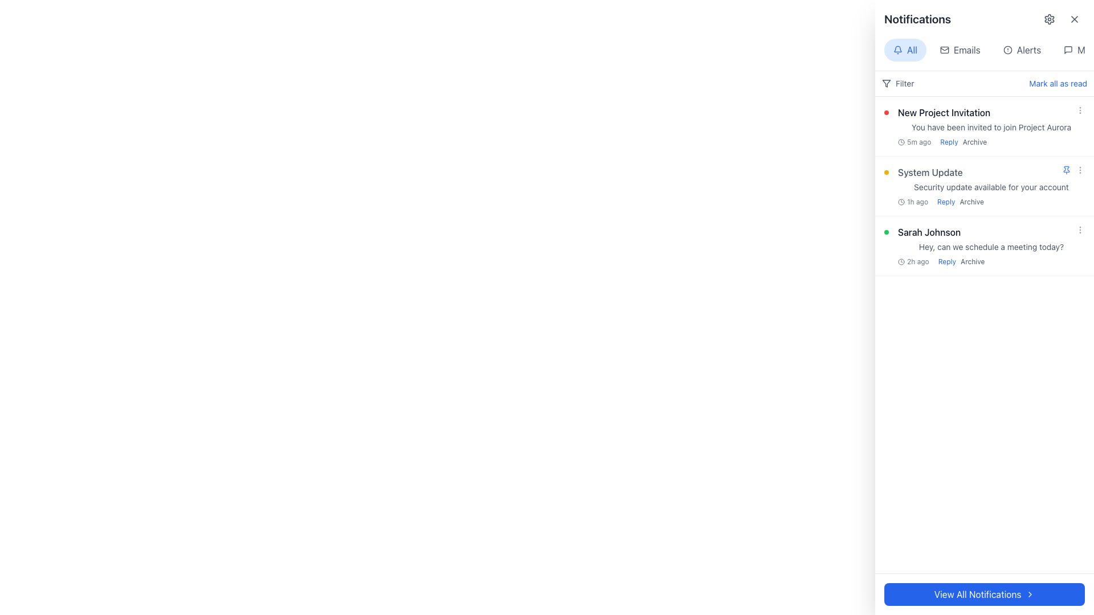  Describe the element at coordinates (944, 50) in the screenshot. I see `the email notification filter icon located second in the row of icons, left of the 'Emails' label, to filter or access email notifications` at that location.